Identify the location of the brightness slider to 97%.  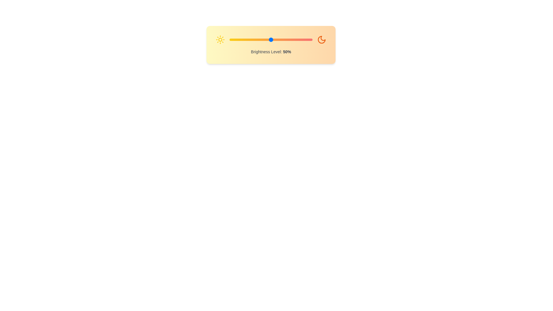
(310, 39).